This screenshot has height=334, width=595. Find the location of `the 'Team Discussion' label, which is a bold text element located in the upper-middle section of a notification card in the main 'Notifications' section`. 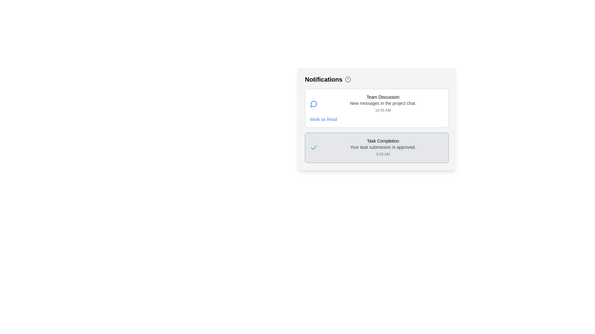

the 'Team Discussion' label, which is a bold text element located in the upper-middle section of a notification card in the main 'Notifications' section is located at coordinates (383, 97).